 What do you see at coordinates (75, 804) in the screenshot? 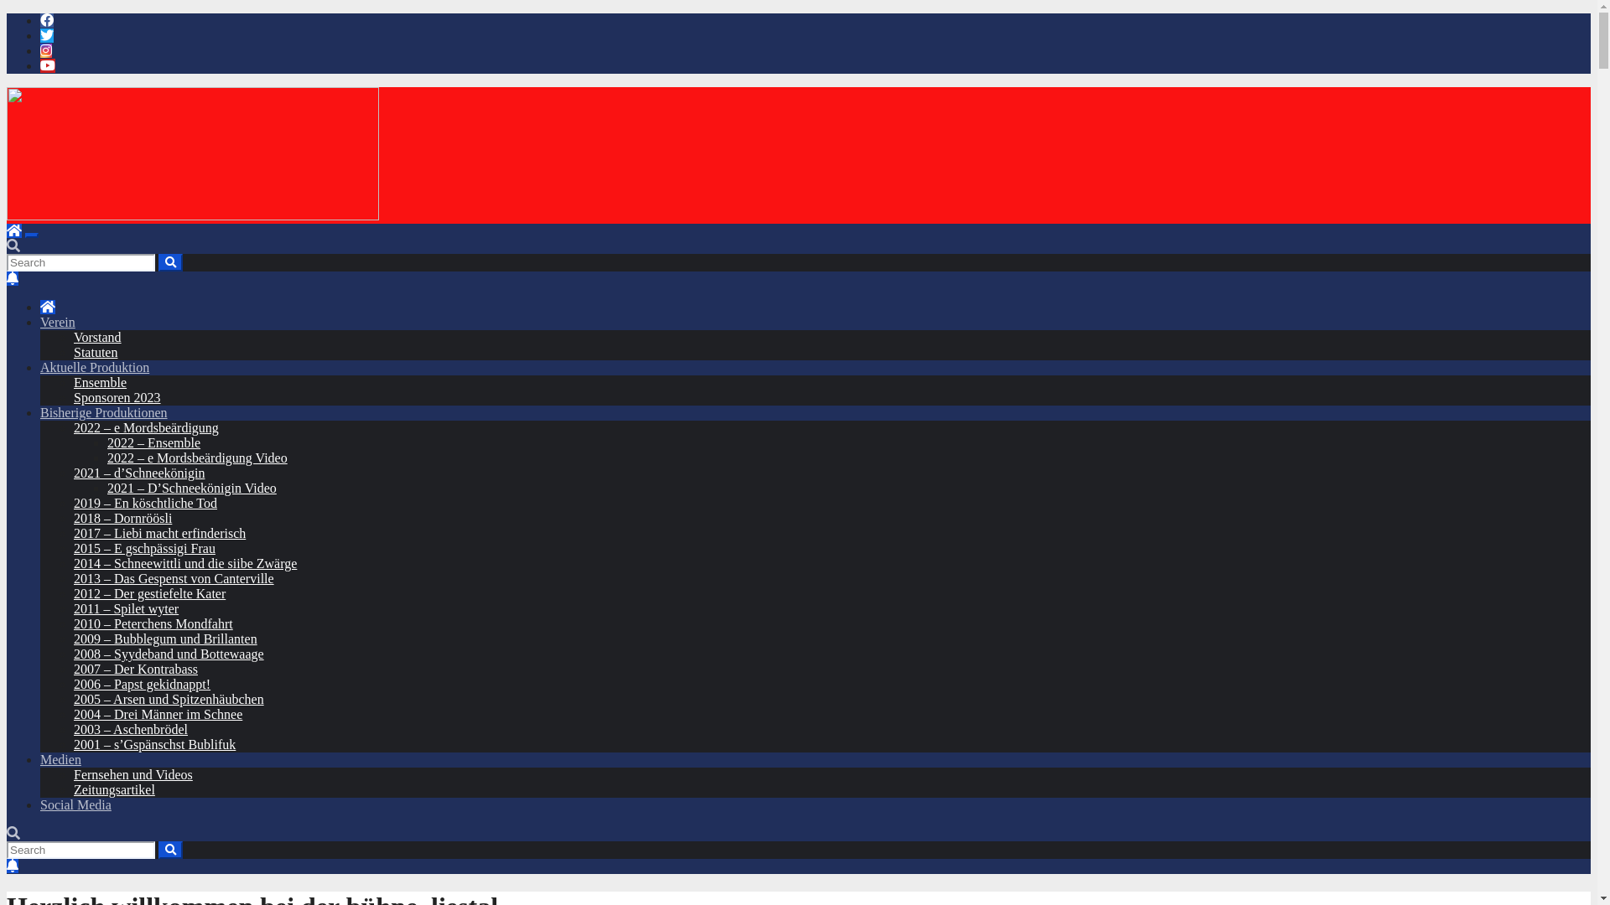
I see `'Social Media'` at bounding box center [75, 804].